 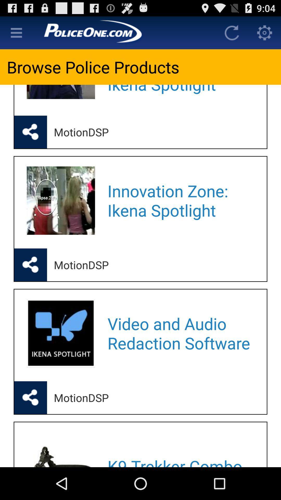 What do you see at coordinates (232, 32) in the screenshot?
I see `refersh the page` at bounding box center [232, 32].